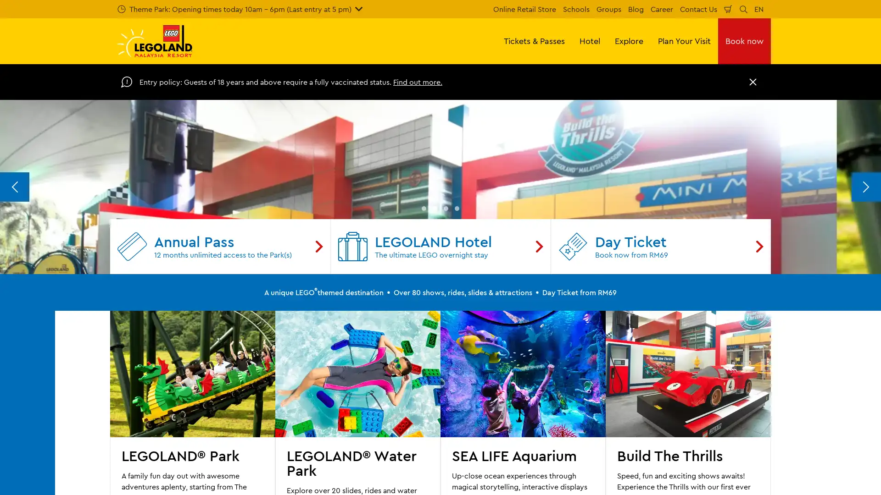  I want to click on Search, so click(743, 9).